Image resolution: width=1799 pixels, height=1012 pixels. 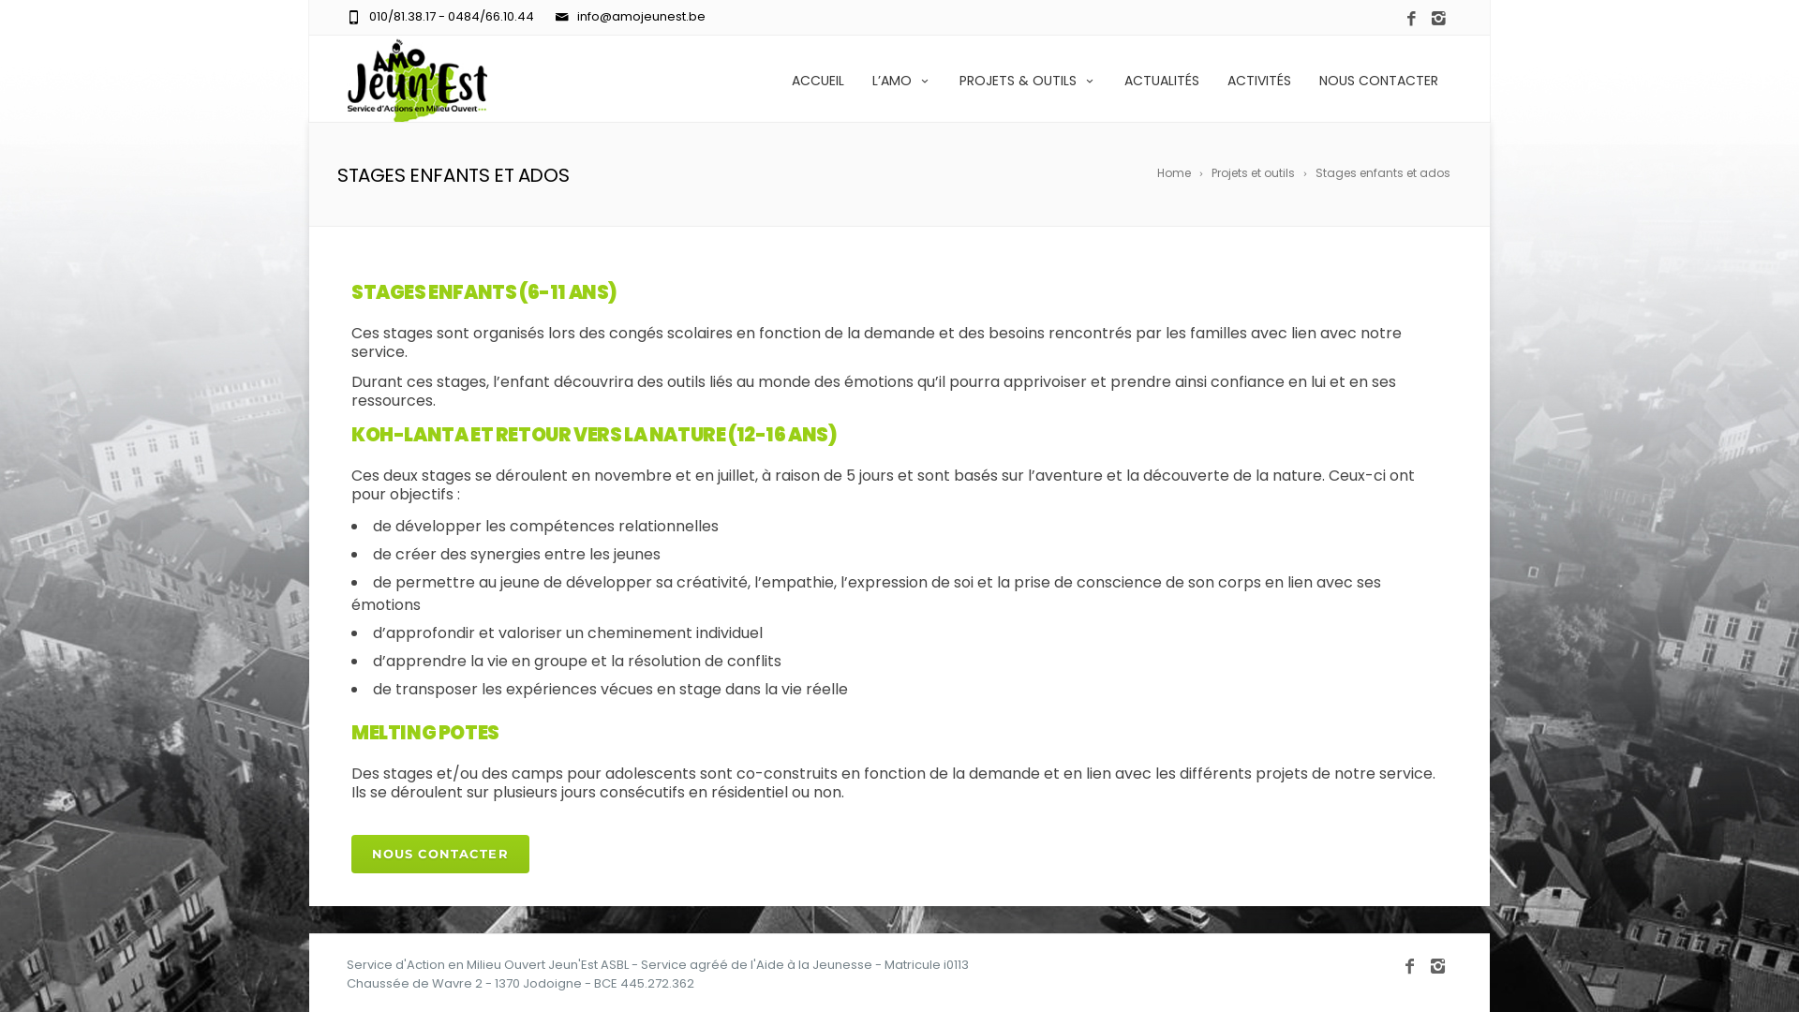 I want to click on 'Facebook', so click(x=1410, y=965).